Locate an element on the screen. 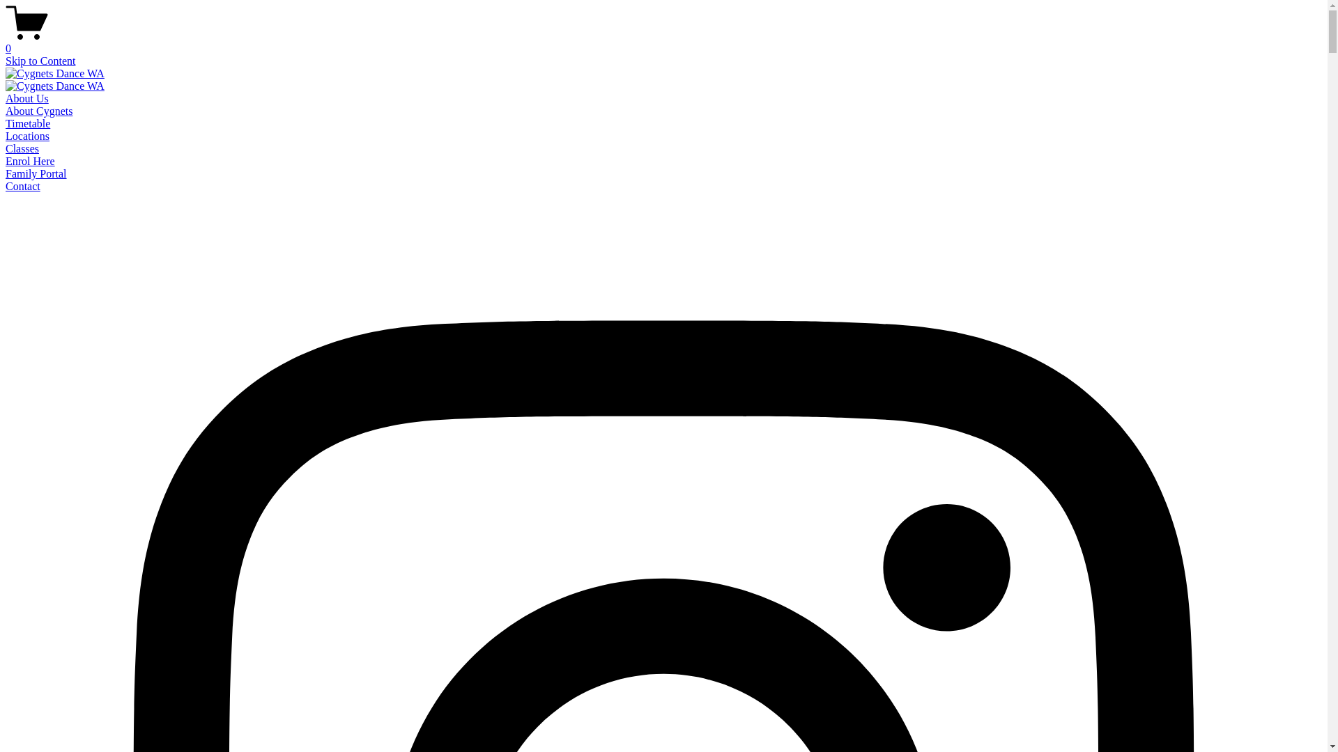  'Contact' is located at coordinates (6, 185).